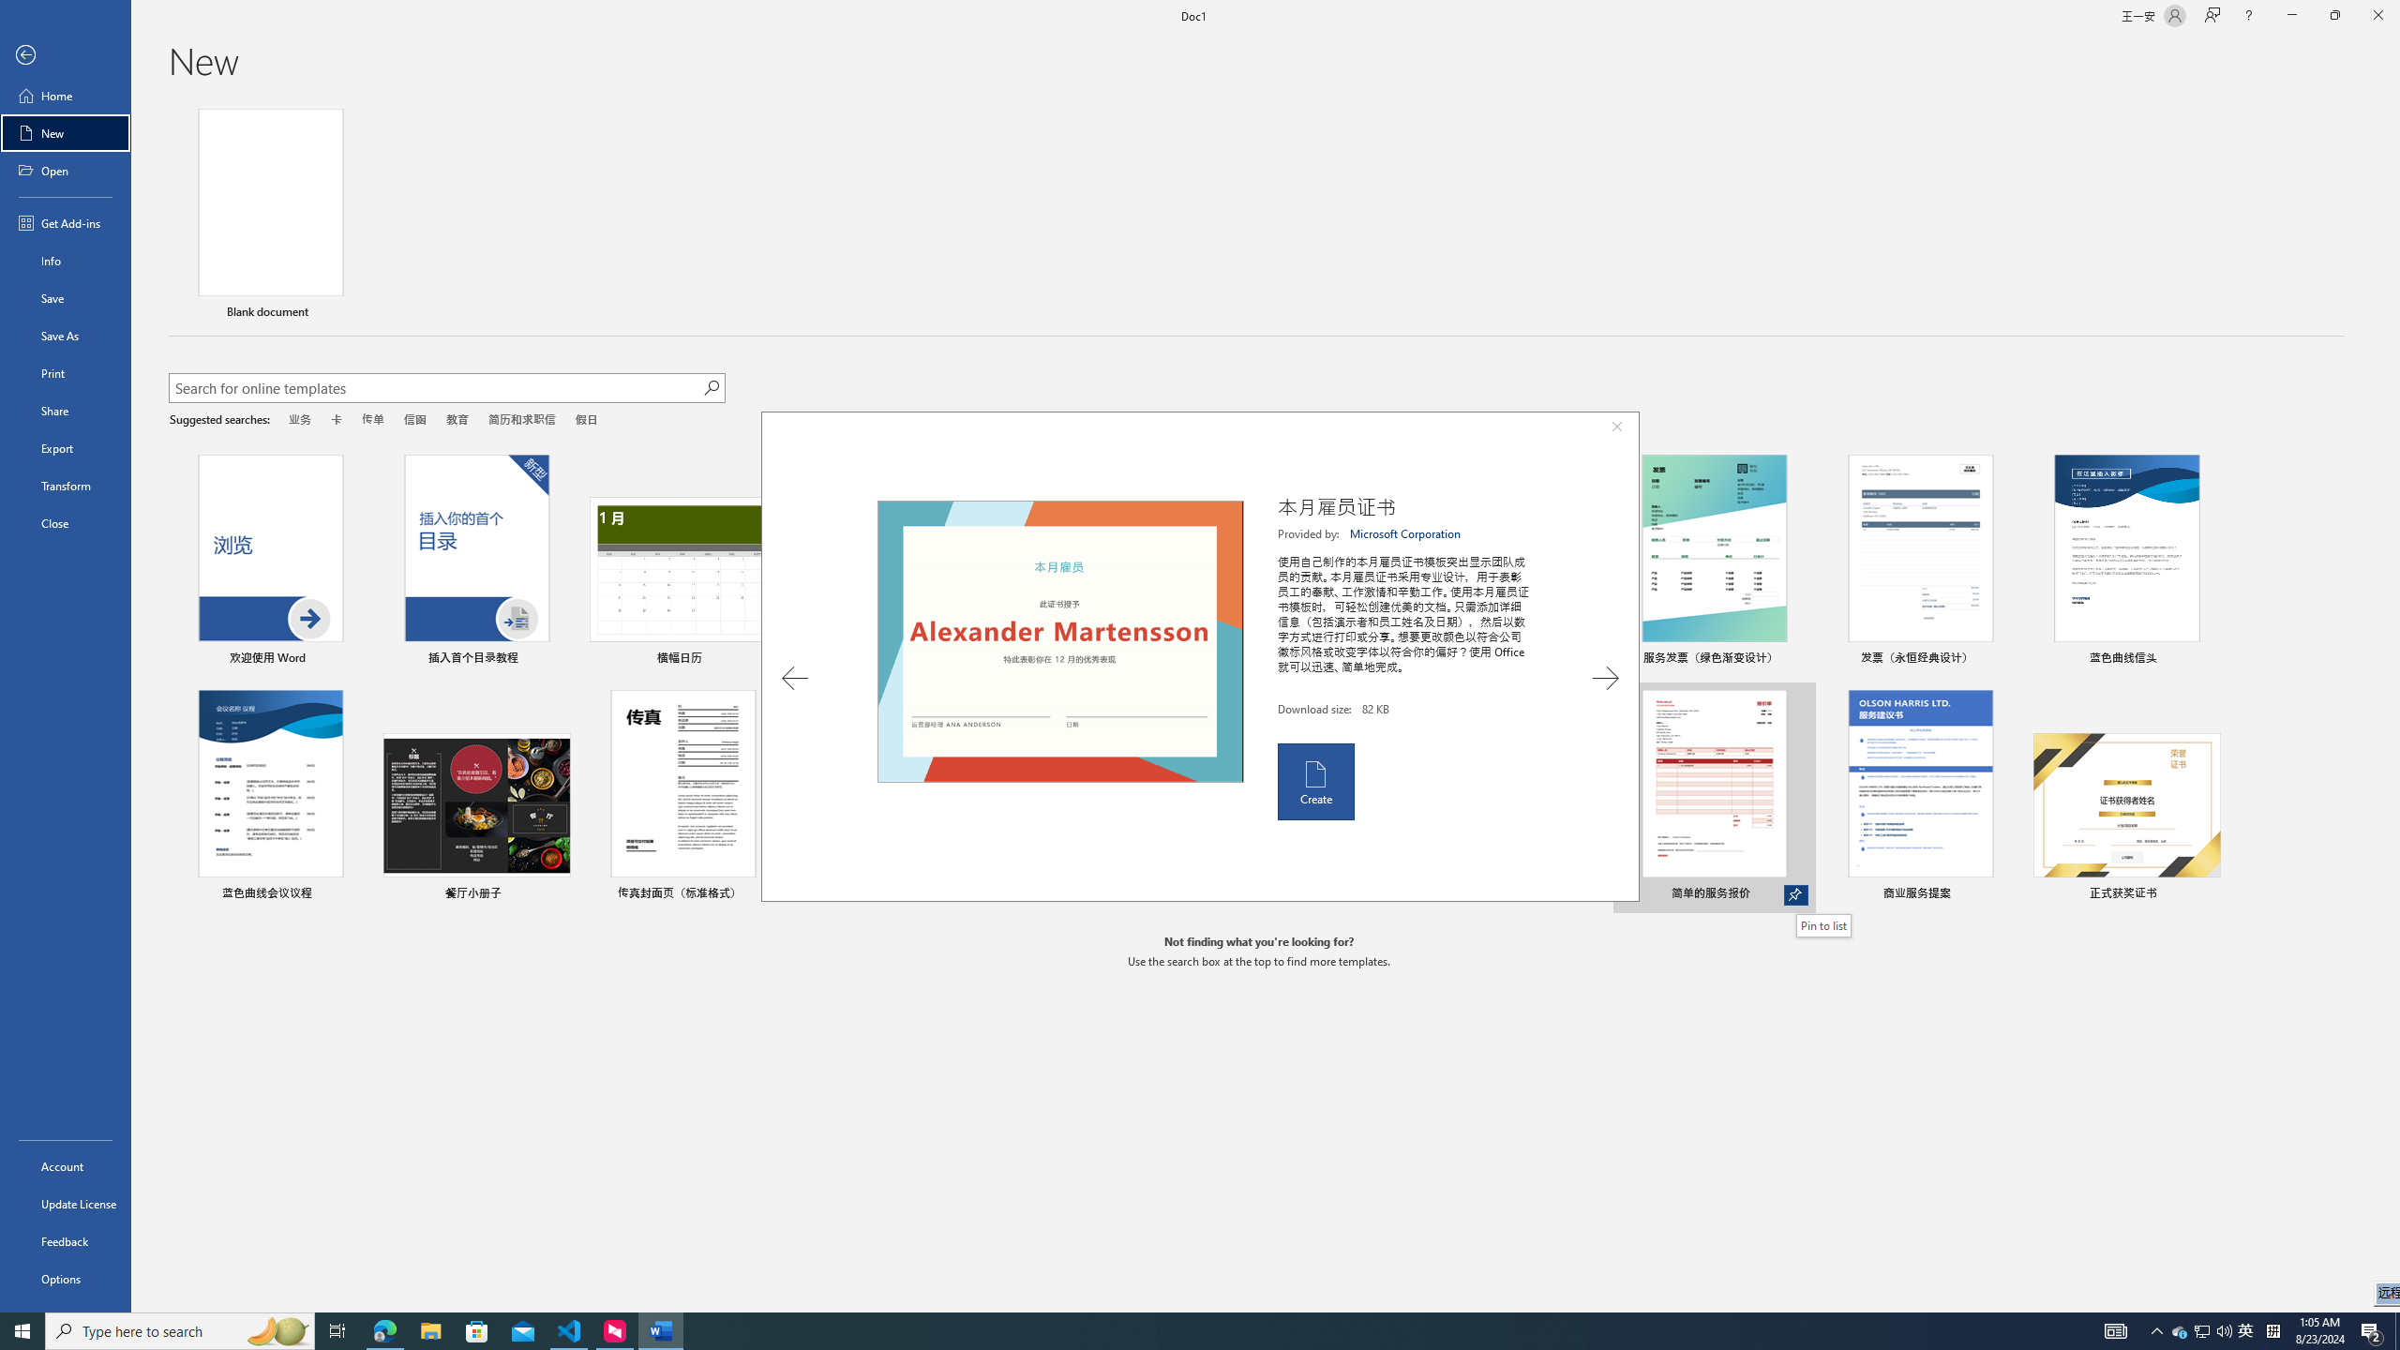 This screenshot has width=2400, height=1350. I want to click on 'Options', so click(65, 1278).